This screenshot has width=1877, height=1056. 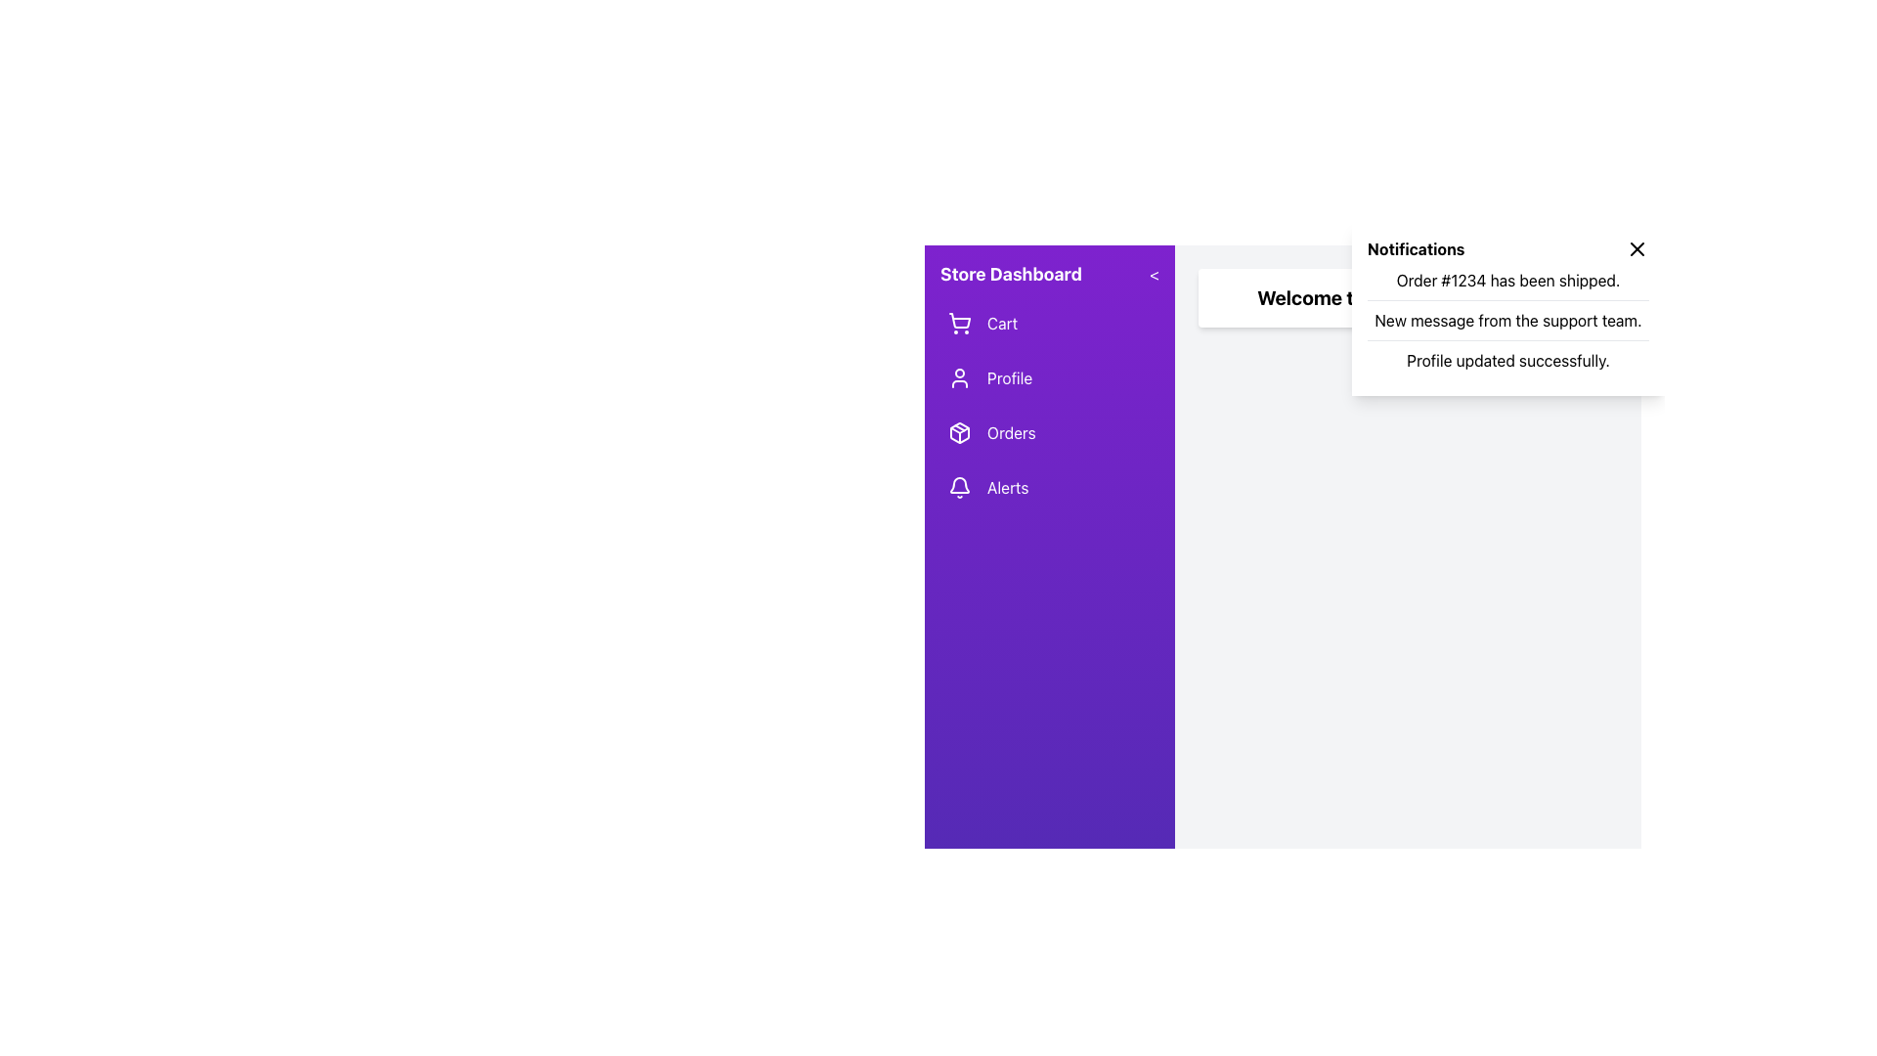 What do you see at coordinates (1155, 275) in the screenshot?
I see `the back navigation button located in the top-right corner of the purple dashboard section` at bounding box center [1155, 275].